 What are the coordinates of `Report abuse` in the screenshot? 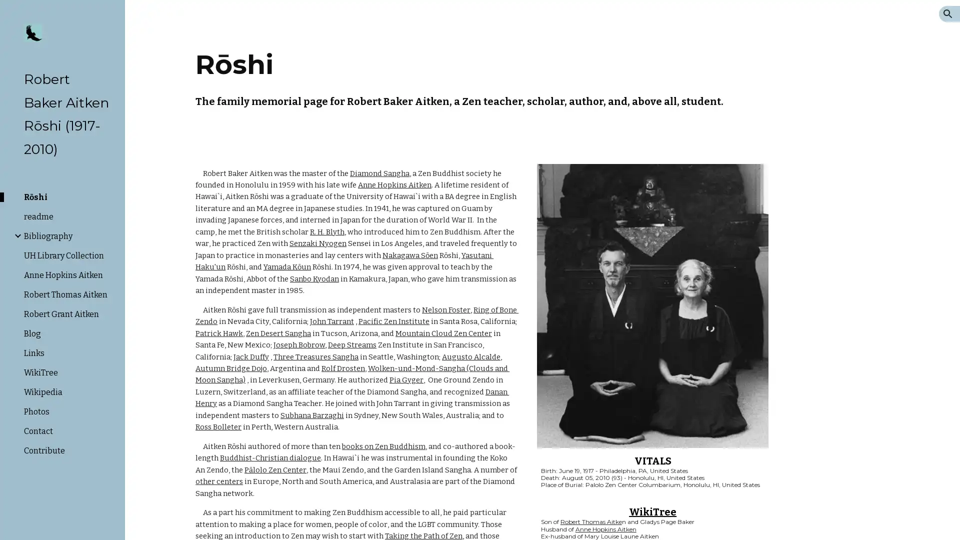 It's located at (216, 522).